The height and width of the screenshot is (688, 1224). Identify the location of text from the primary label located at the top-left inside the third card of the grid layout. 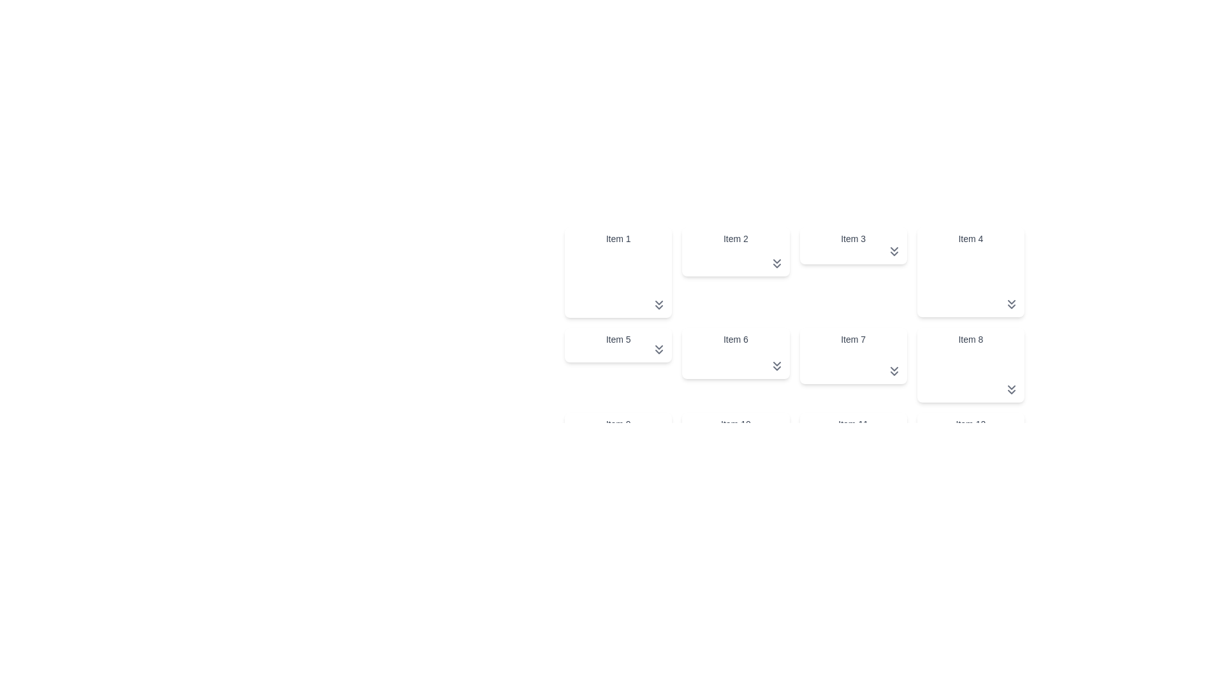
(853, 238).